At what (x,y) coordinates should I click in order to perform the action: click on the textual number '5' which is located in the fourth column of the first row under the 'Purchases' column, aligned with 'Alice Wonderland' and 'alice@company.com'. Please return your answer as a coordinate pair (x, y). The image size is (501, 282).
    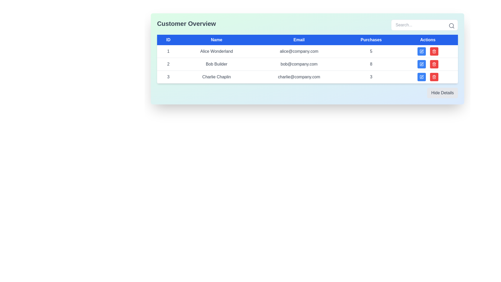
    Looking at the image, I should click on (371, 51).